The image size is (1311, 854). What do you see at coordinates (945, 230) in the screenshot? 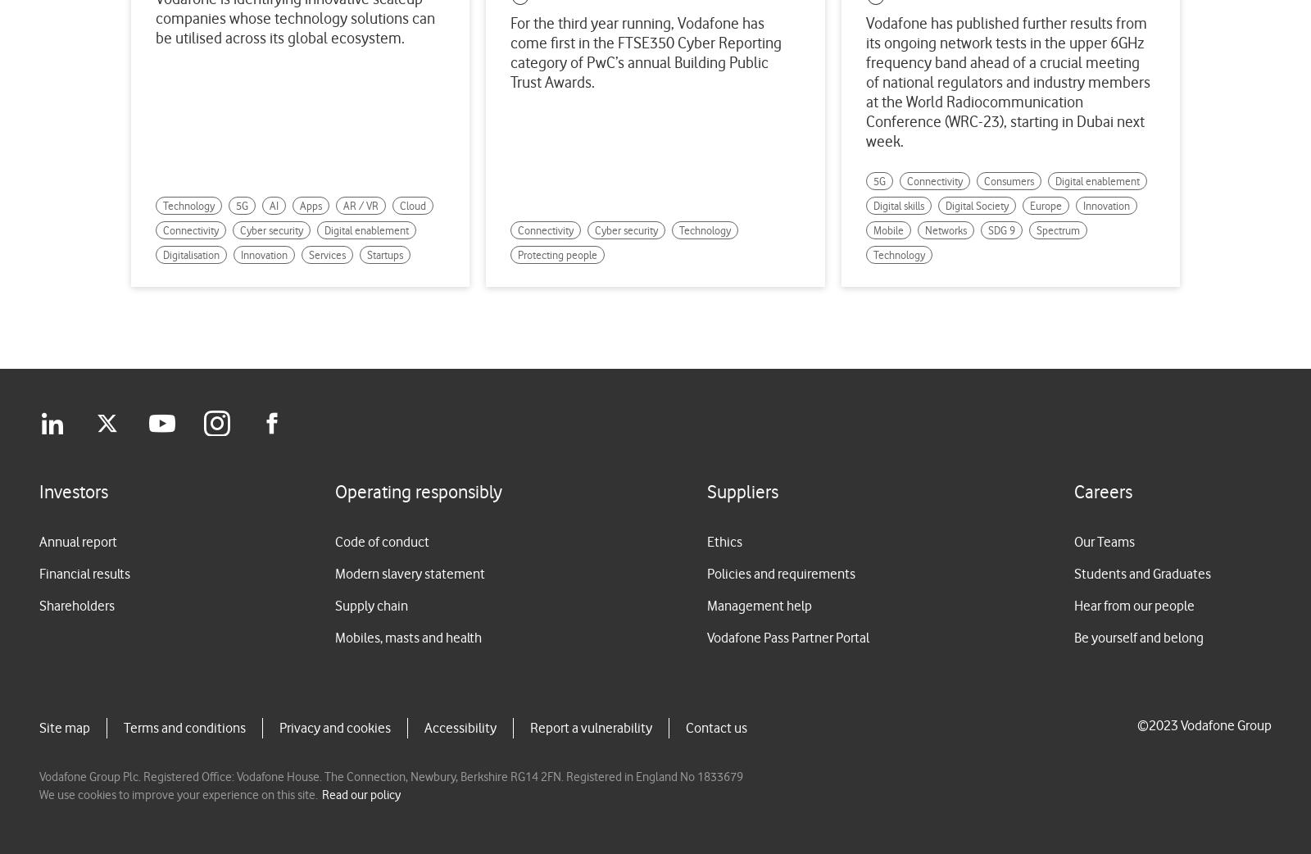
I see `'Networks'` at bounding box center [945, 230].